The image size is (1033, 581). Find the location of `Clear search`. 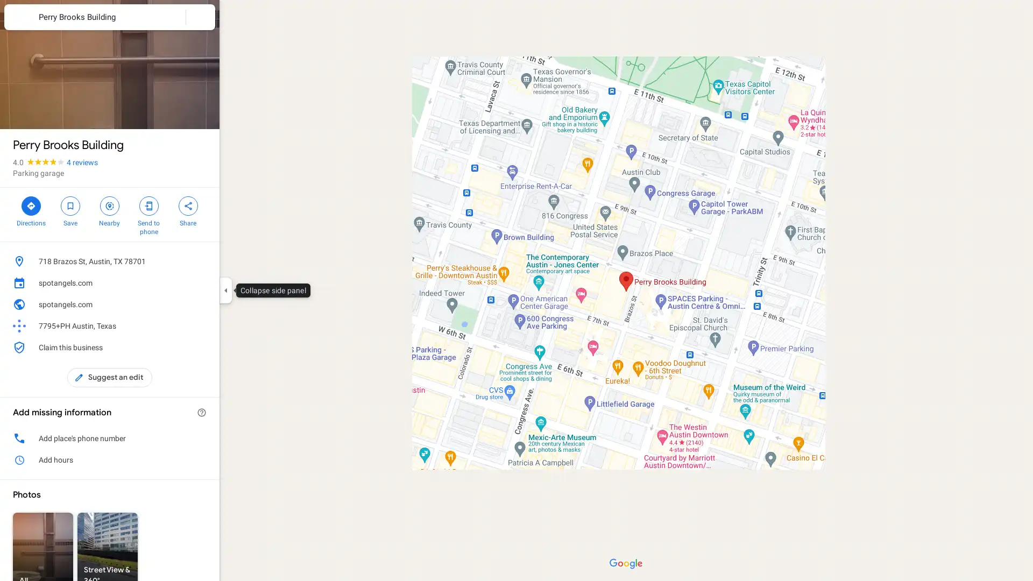

Clear search is located at coordinates (201, 17).